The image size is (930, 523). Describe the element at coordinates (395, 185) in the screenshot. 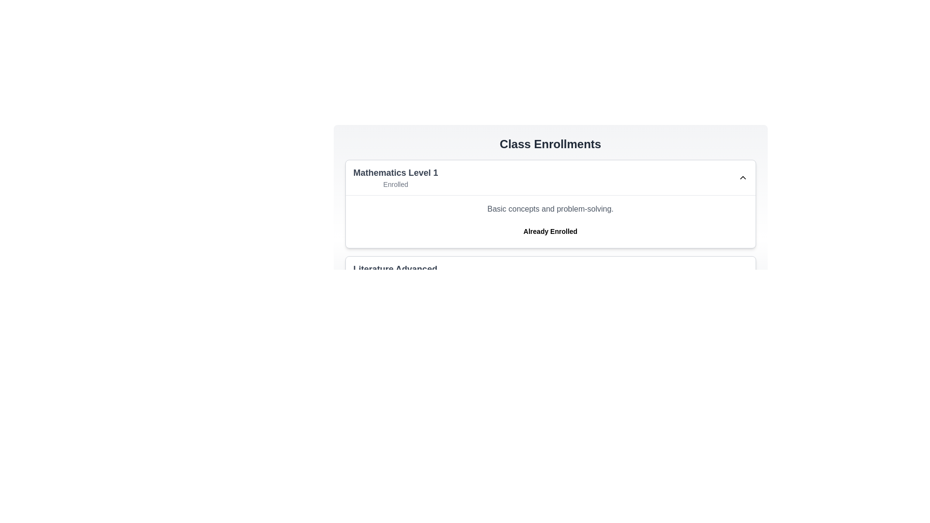

I see `the small gray text label labeled 'Enrolled' located beneath the title 'Mathematics Level 1'` at that location.